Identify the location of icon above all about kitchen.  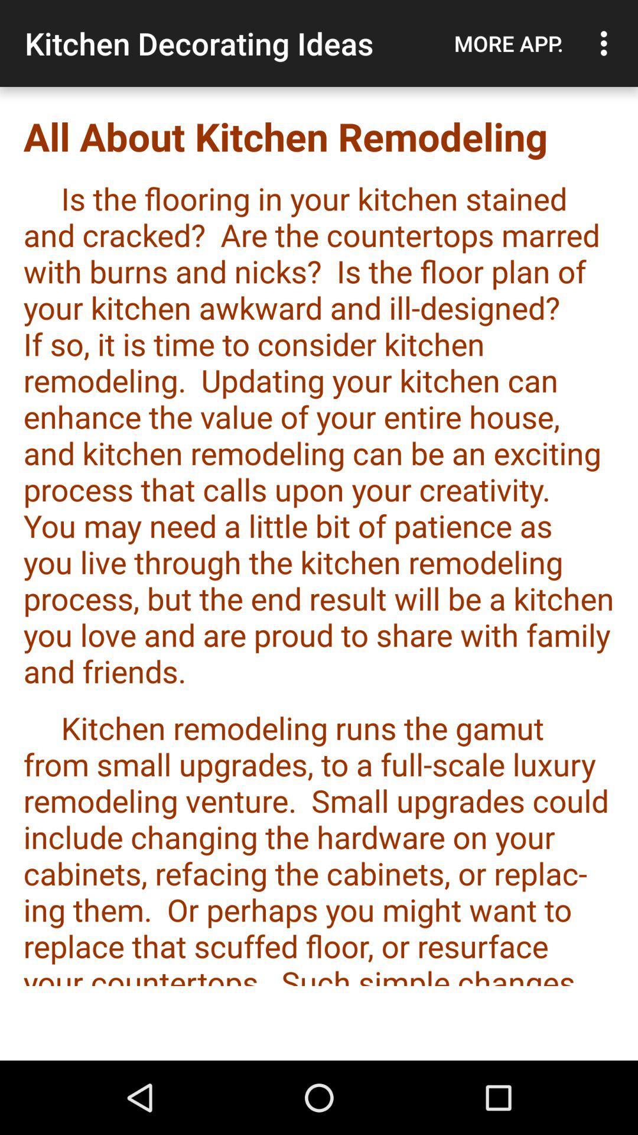
(607, 43).